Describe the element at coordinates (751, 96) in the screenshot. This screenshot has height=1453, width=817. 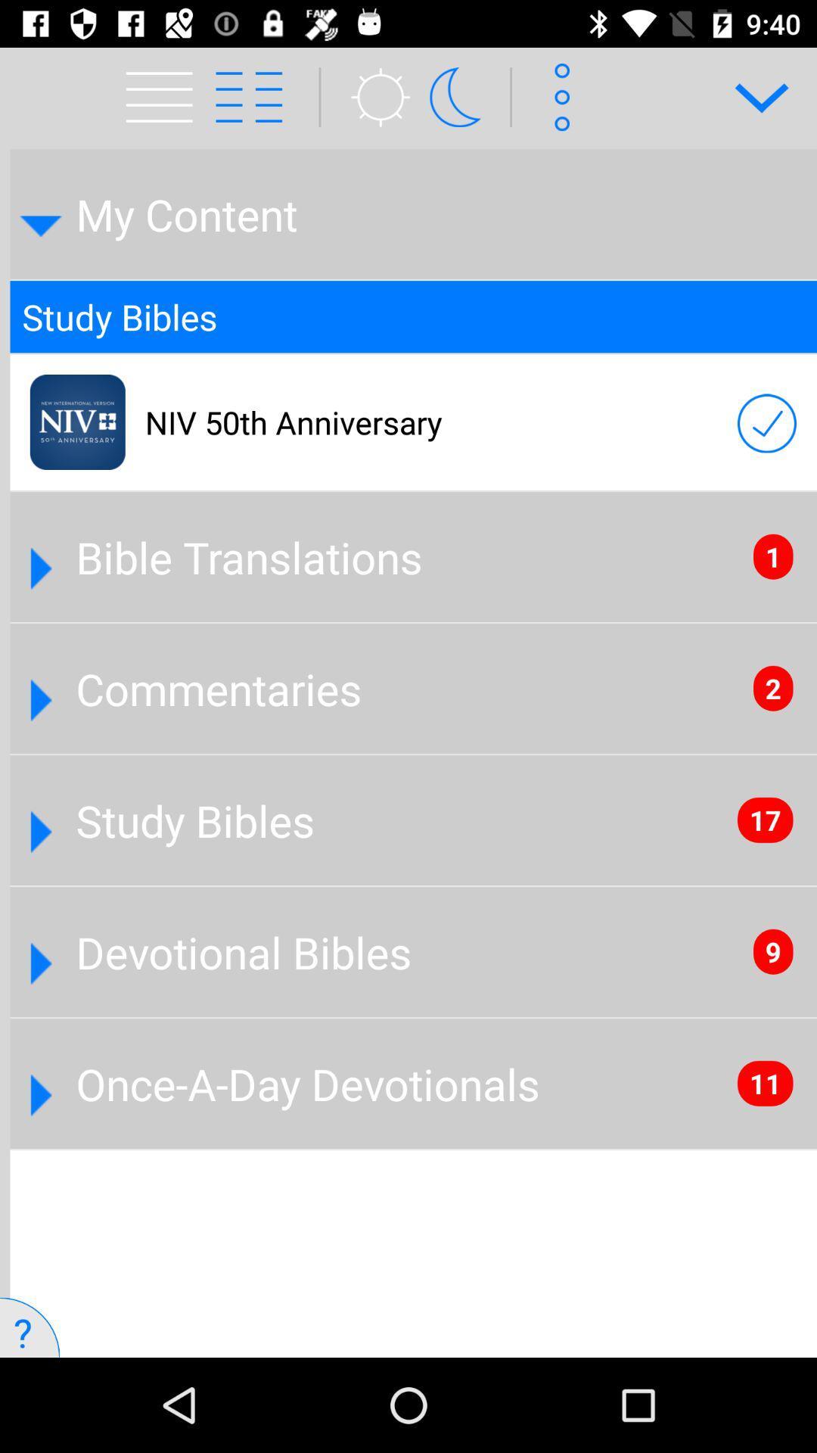
I see `the expand_more icon` at that location.